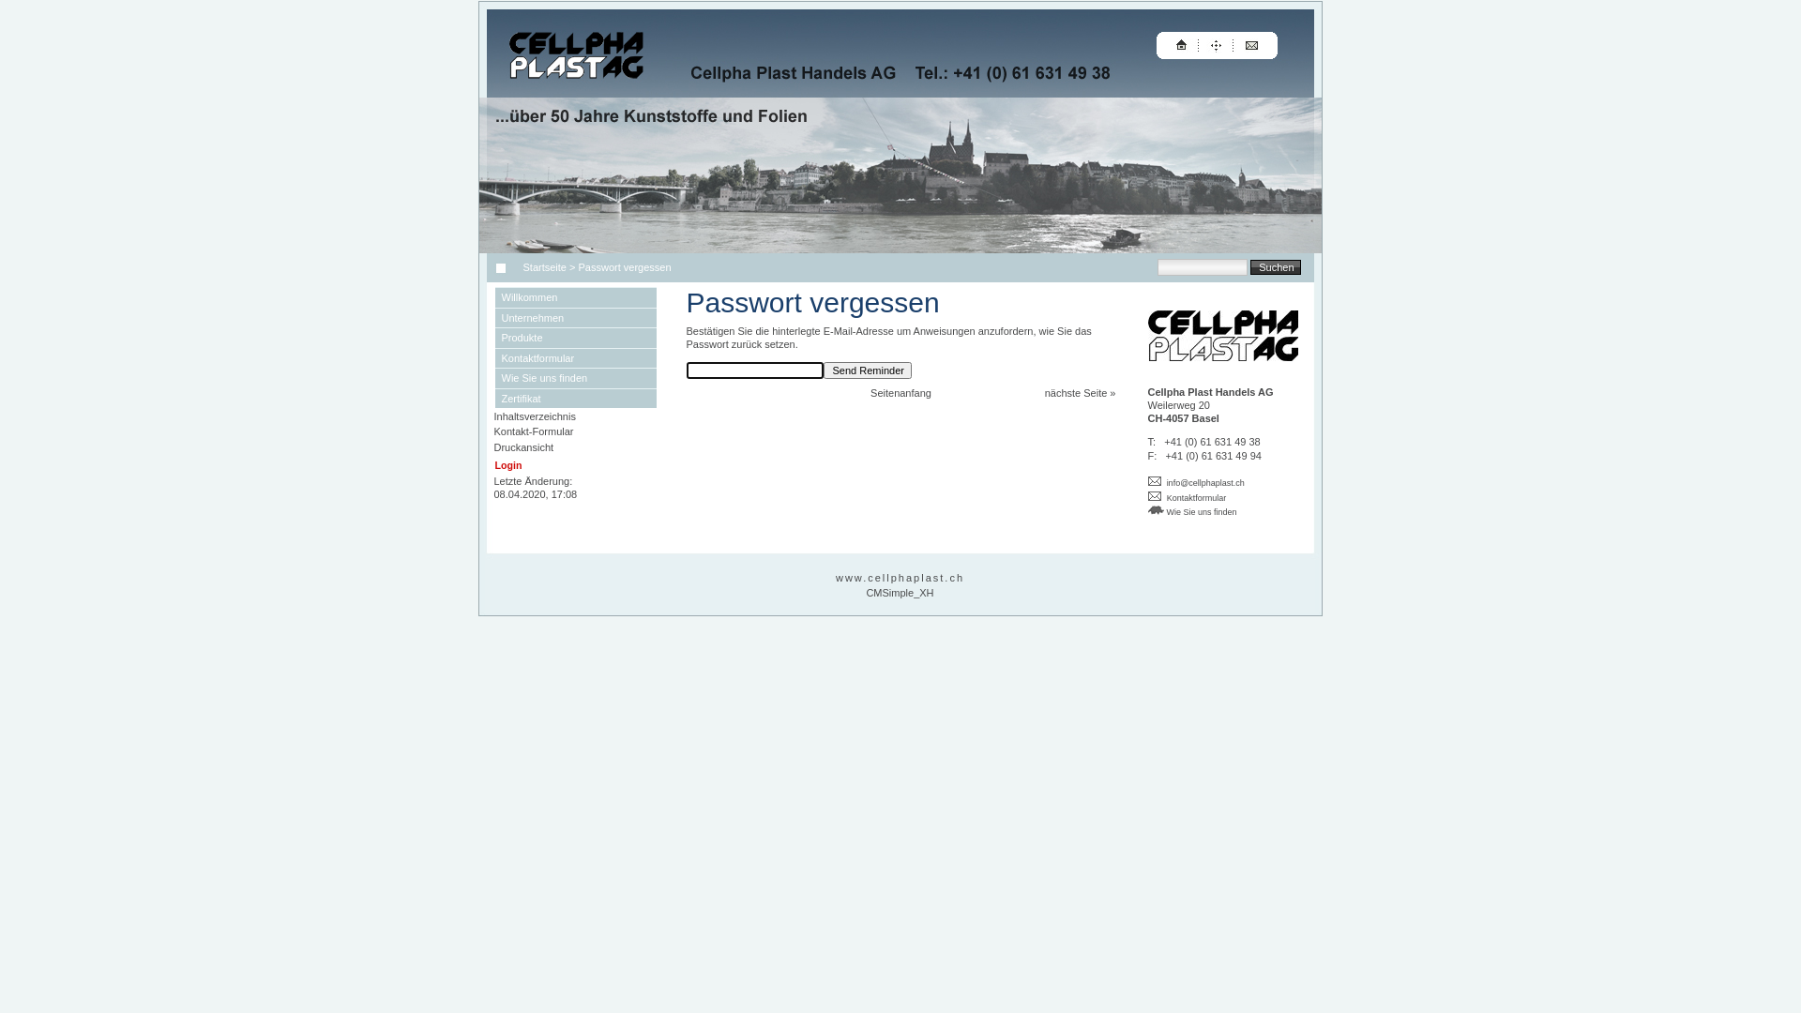  I want to click on 'Startseite', so click(541, 267).